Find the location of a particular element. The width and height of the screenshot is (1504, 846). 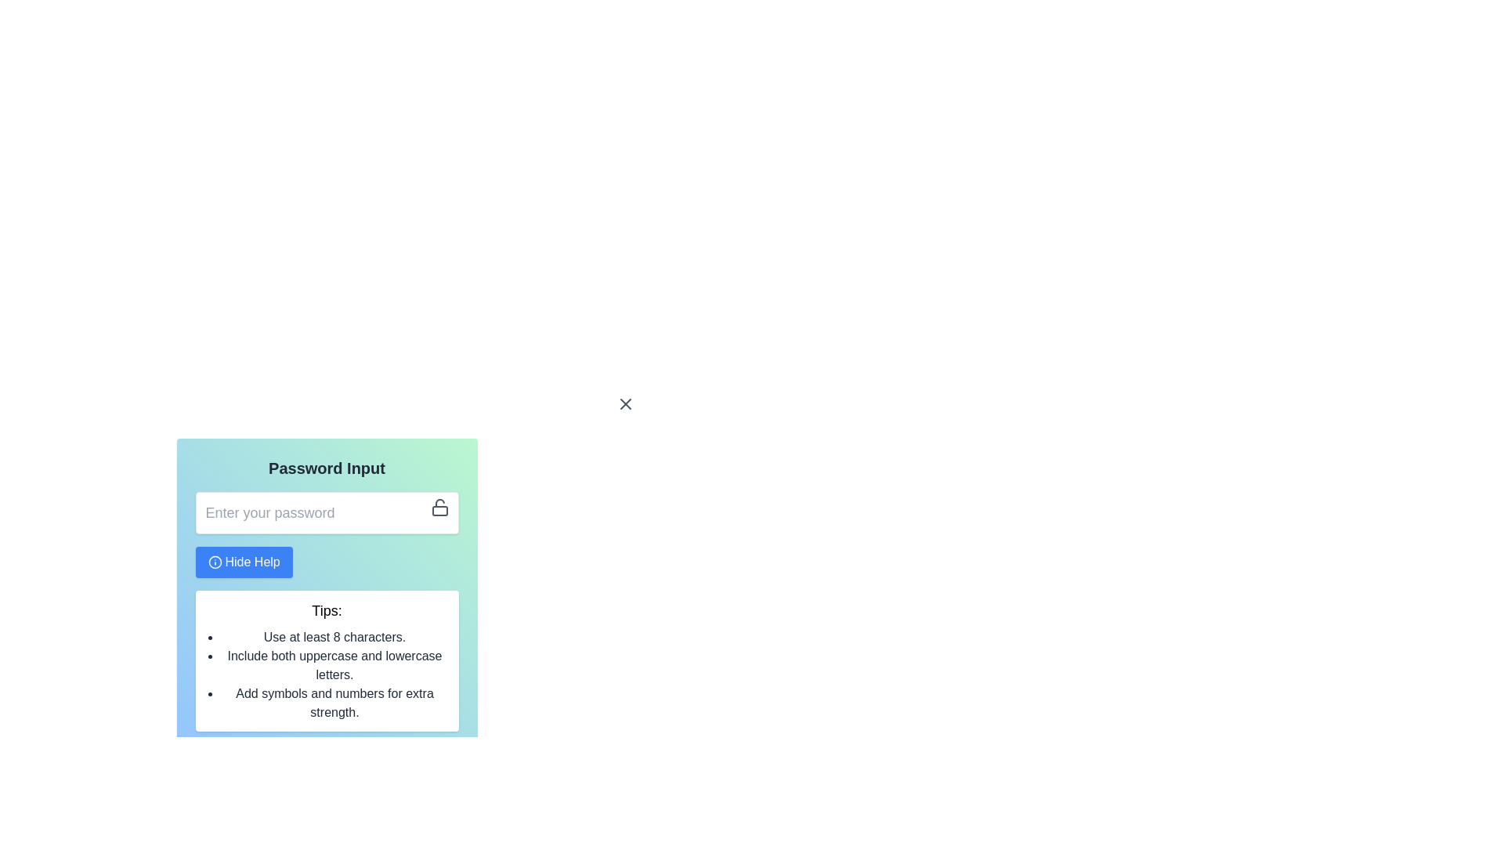

text in the third item of the bulleted list within the 'Tips' box, which provides guidance for creating a stronger password is located at coordinates (334, 703).